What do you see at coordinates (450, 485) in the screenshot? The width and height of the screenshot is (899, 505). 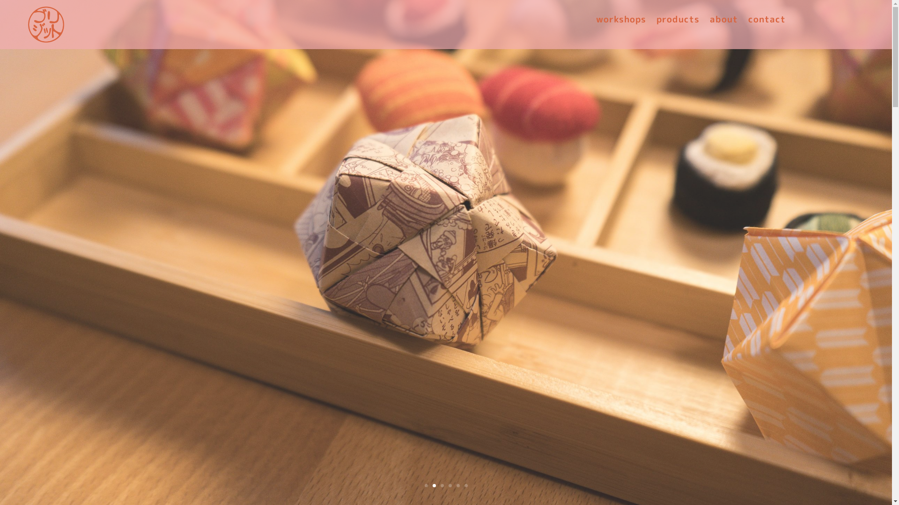 I see `'4'` at bounding box center [450, 485].